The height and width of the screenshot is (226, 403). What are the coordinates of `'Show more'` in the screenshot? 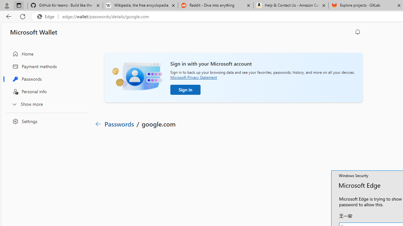 It's located at (45, 104).